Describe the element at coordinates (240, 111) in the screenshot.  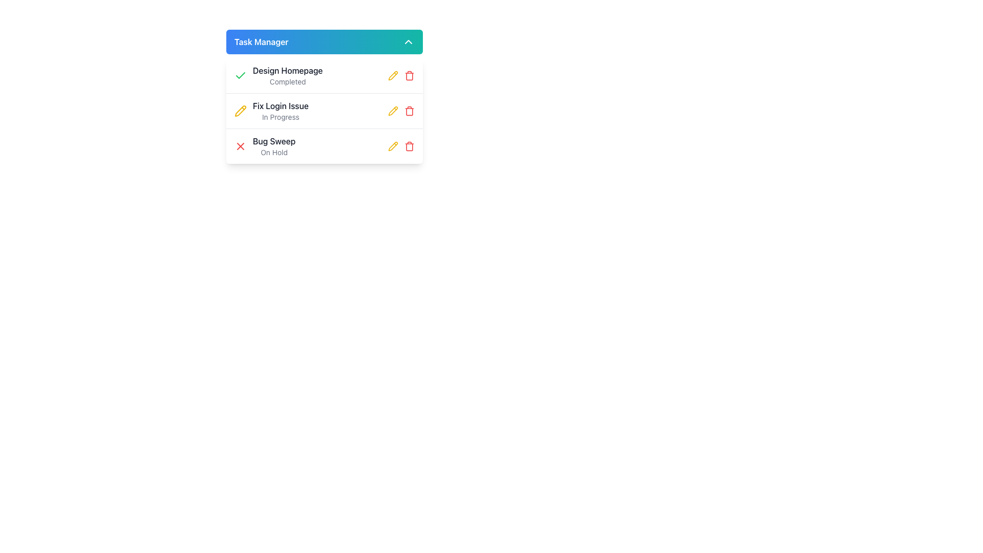
I see `the lower part of the pencil icon, which indicates the edit functionality for the corresponding task entry, located to the right of the task titles` at that location.